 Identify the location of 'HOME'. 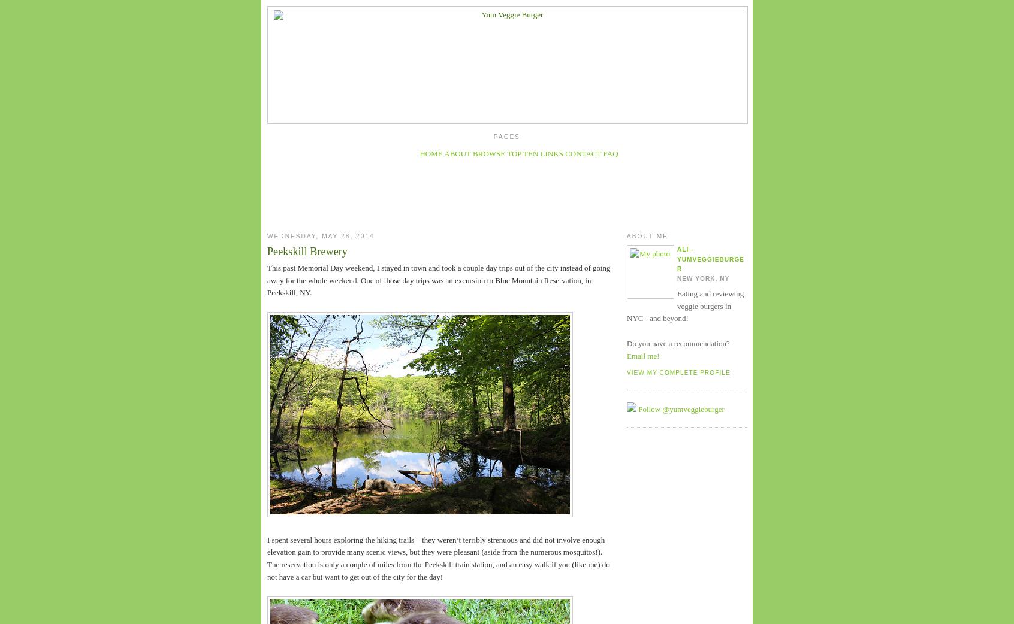
(419, 153).